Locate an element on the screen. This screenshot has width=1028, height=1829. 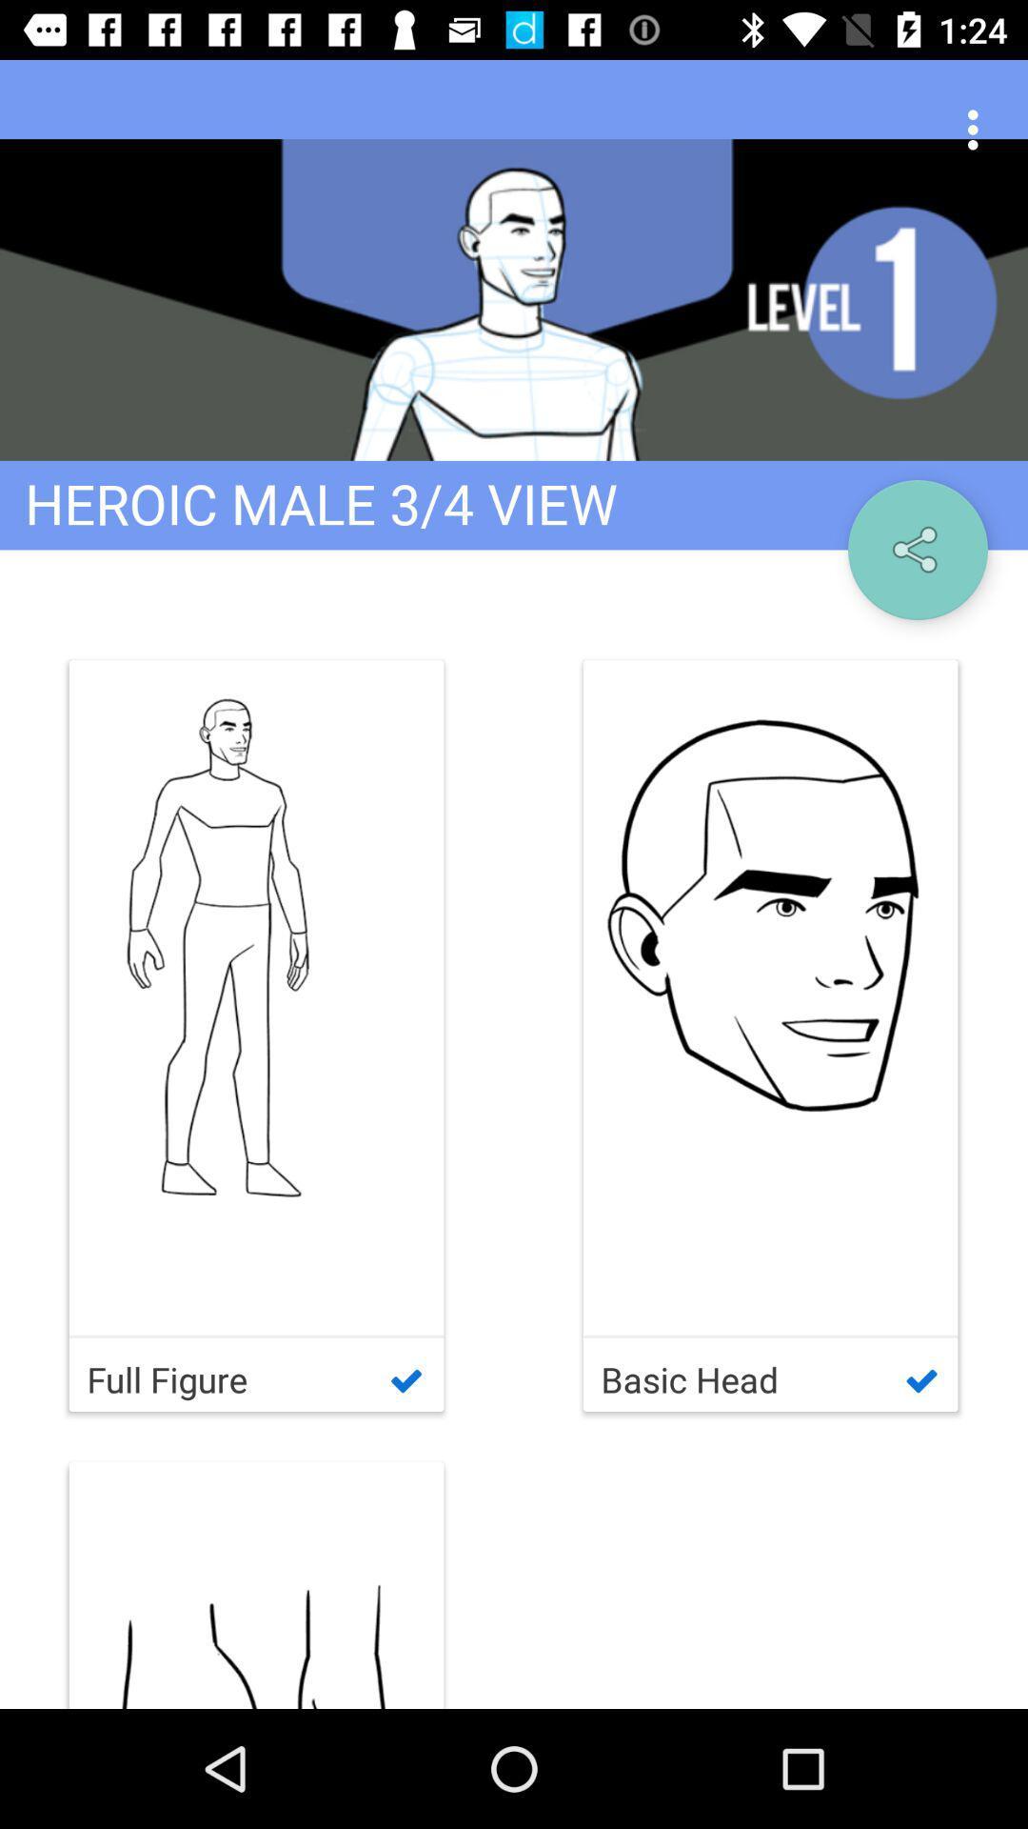
the share icon is located at coordinates (917, 549).